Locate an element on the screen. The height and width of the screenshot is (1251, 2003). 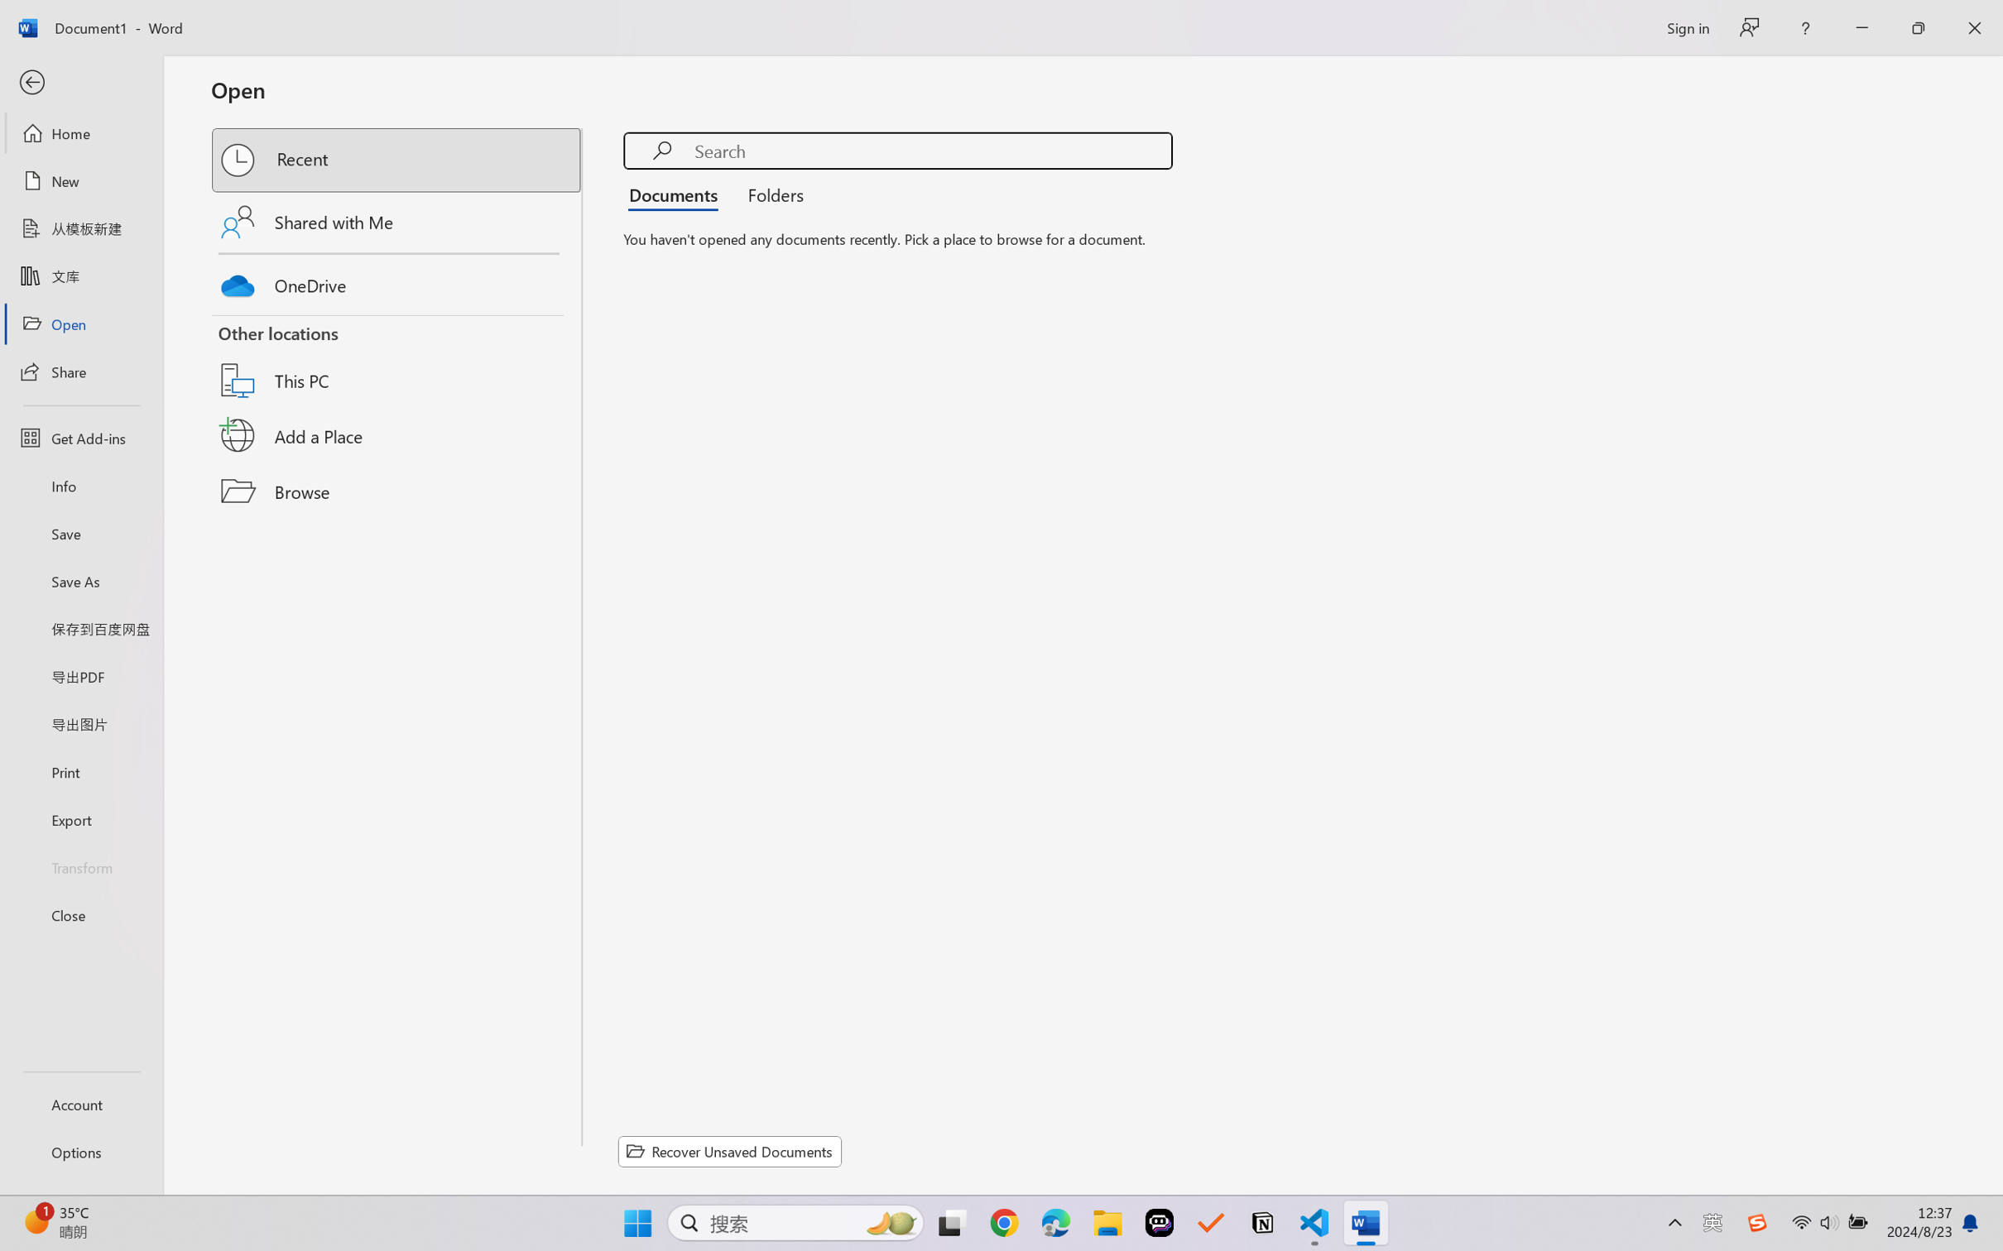
'Back' is located at coordinates (80, 83).